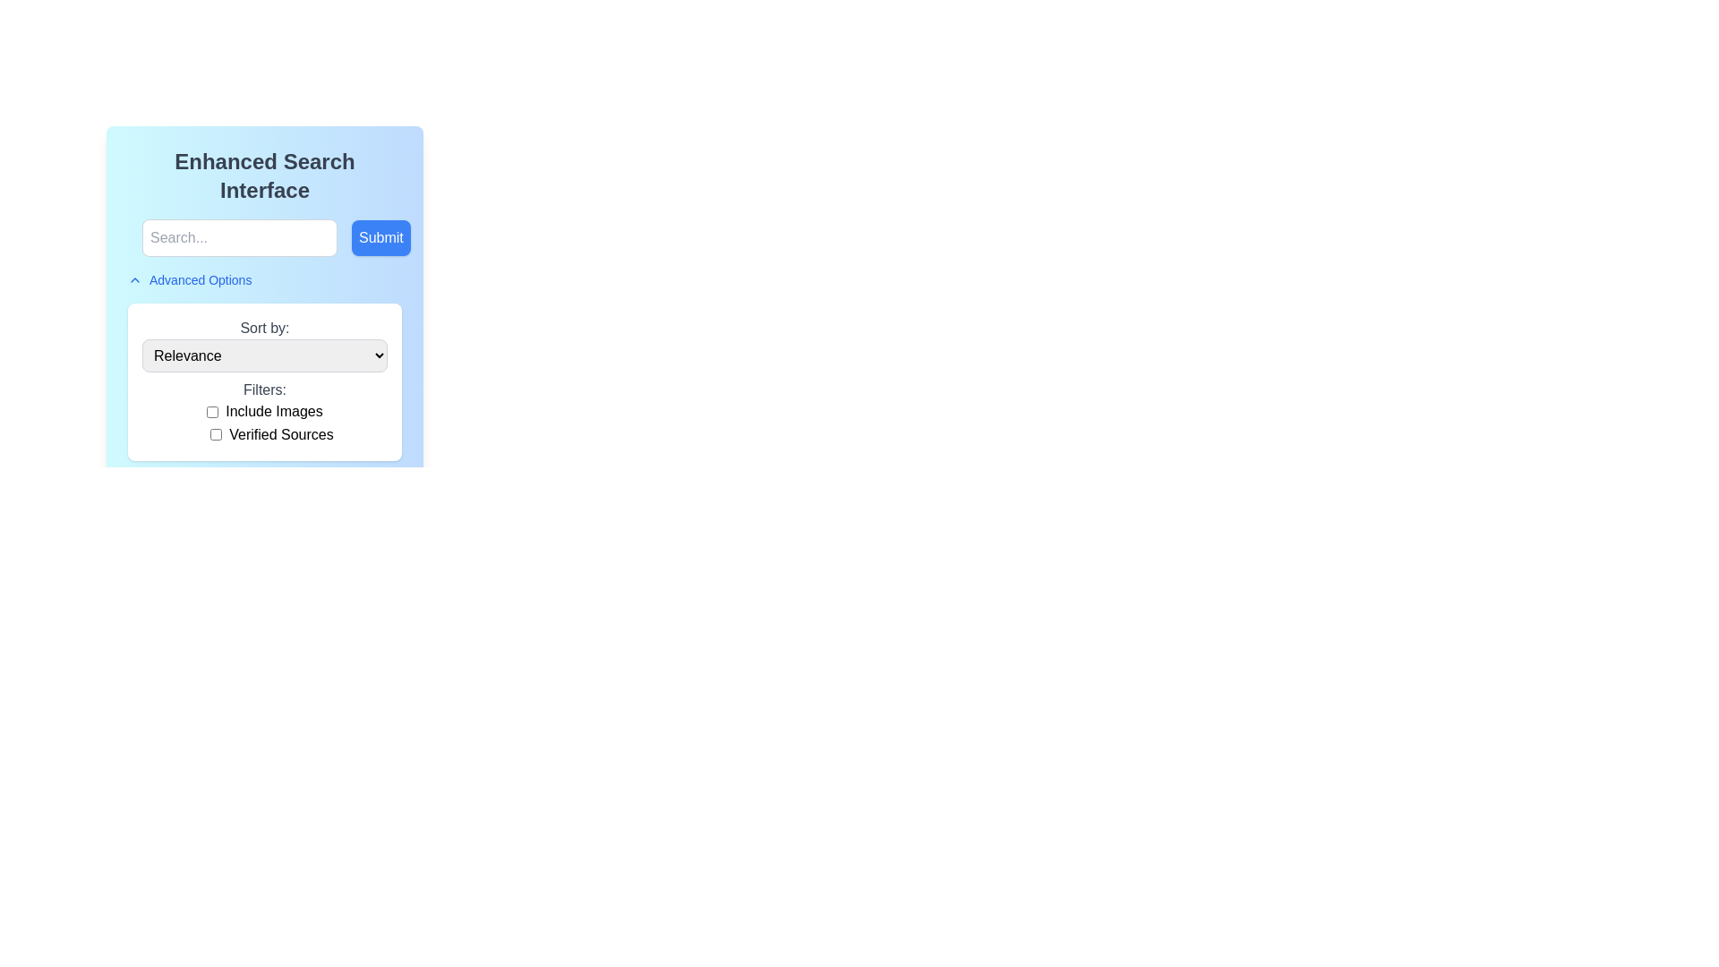 The image size is (1719, 967). Describe the element at coordinates (264, 345) in the screenshot. I see `the dropdown menu located below the 'Advanced Options' section and above the 'Filters:' section` at that location.